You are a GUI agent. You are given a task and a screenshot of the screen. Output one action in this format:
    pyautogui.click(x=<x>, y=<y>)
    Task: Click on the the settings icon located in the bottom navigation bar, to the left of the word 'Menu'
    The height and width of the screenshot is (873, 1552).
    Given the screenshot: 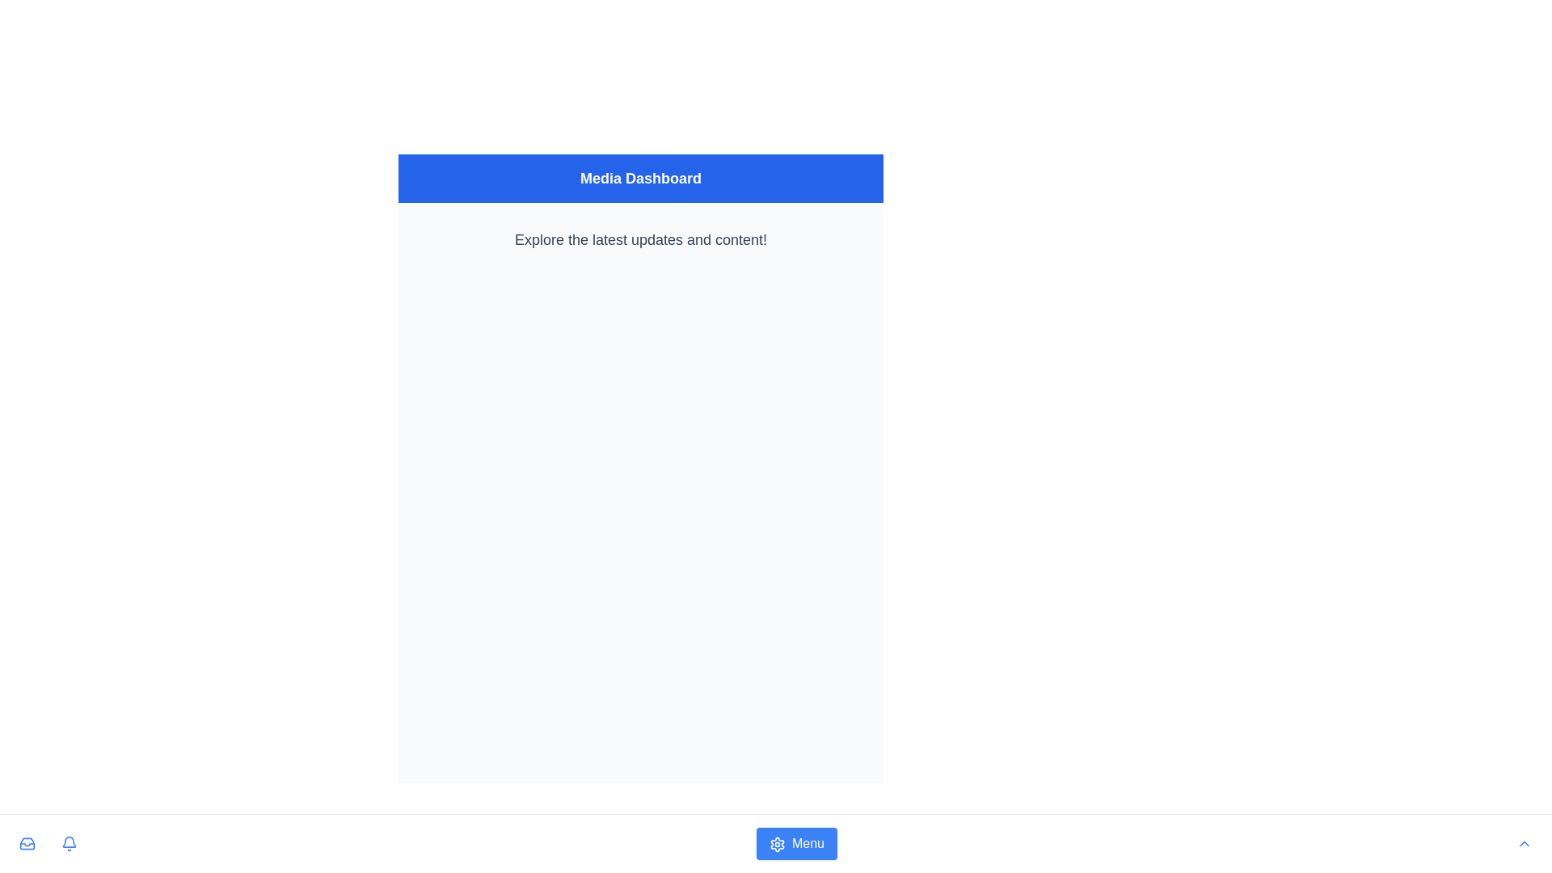 What is the action you would take?
    pyautogui.click(x=777, y=843)
    